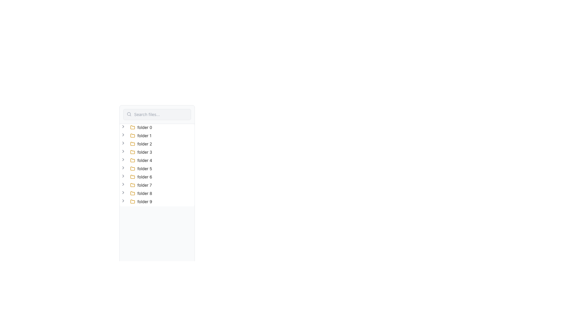 This screenshot has width=566, height=318. What do you see at coordinates (132, 193) in the screenshot?
I see `the 'folder 8' icon` at bounding box center [132, 193].